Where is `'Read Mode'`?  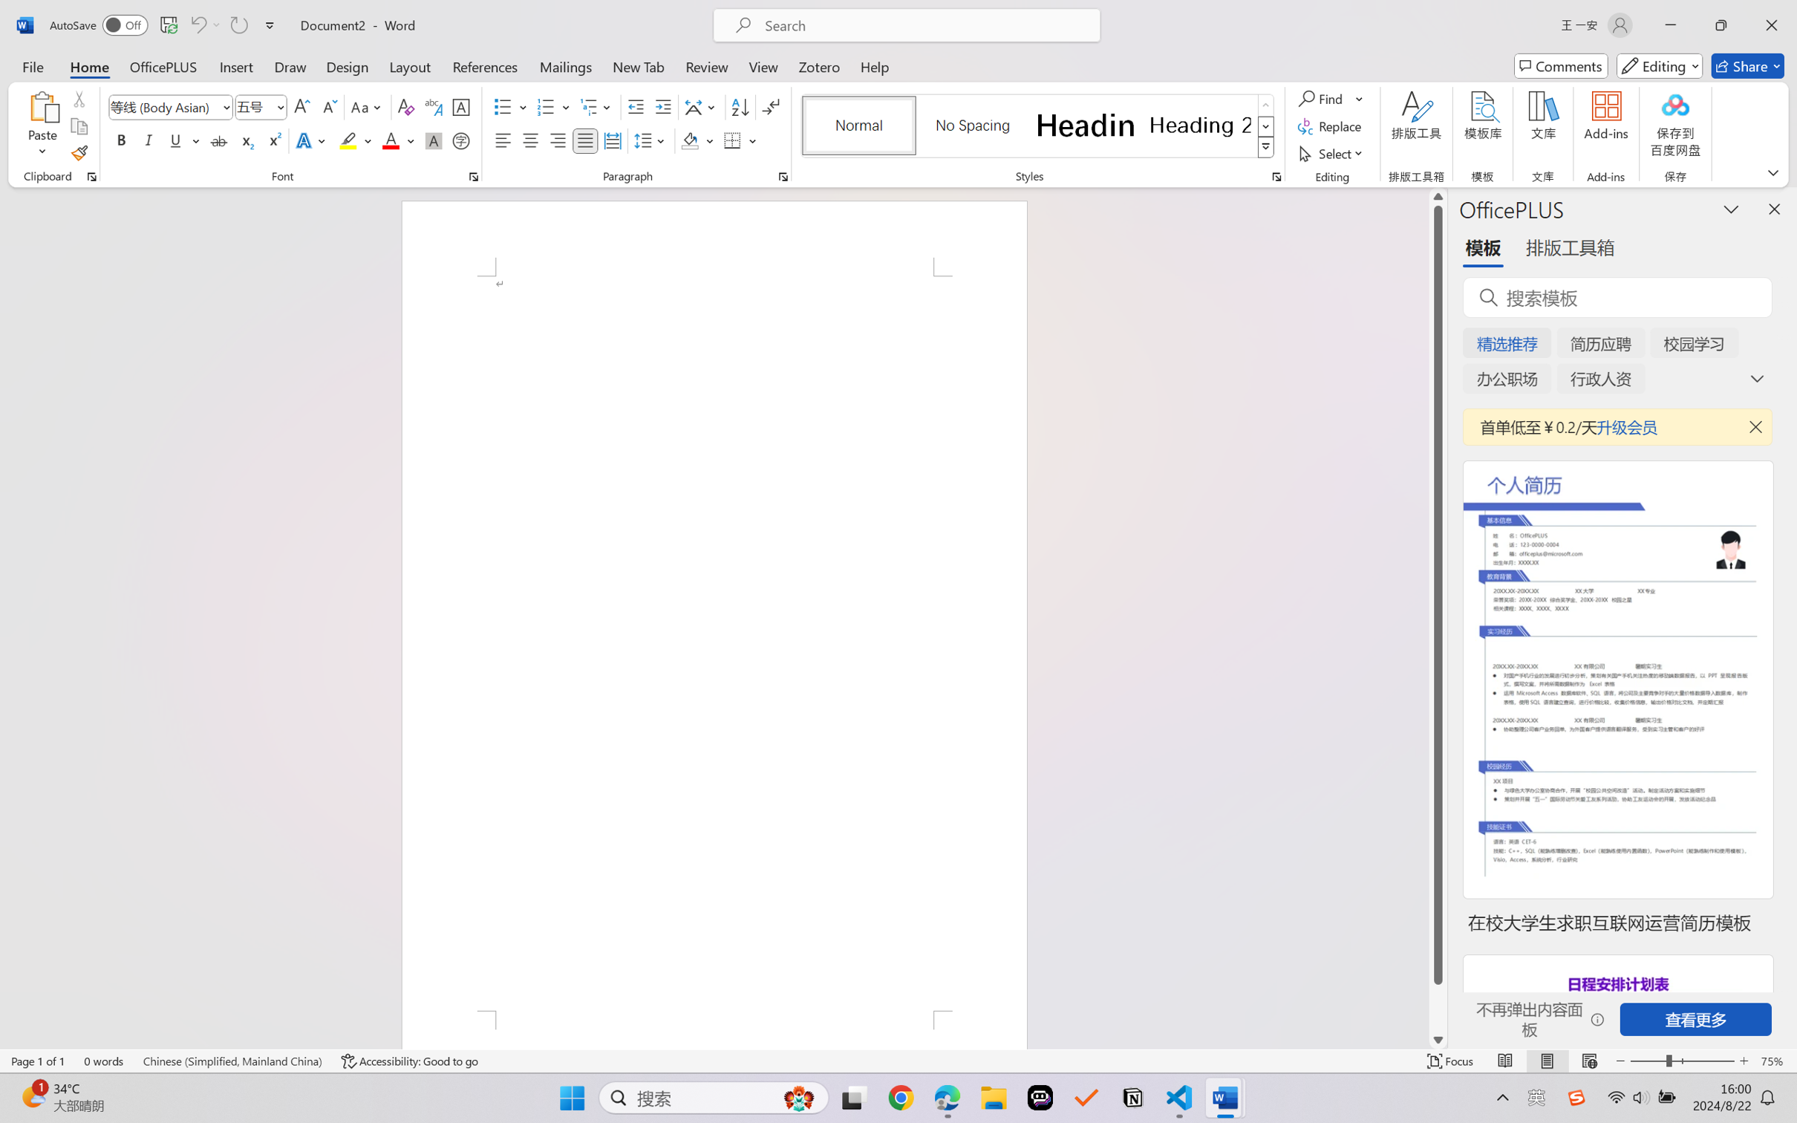 'Read Mode' is located at coordinates (1505, 1061).